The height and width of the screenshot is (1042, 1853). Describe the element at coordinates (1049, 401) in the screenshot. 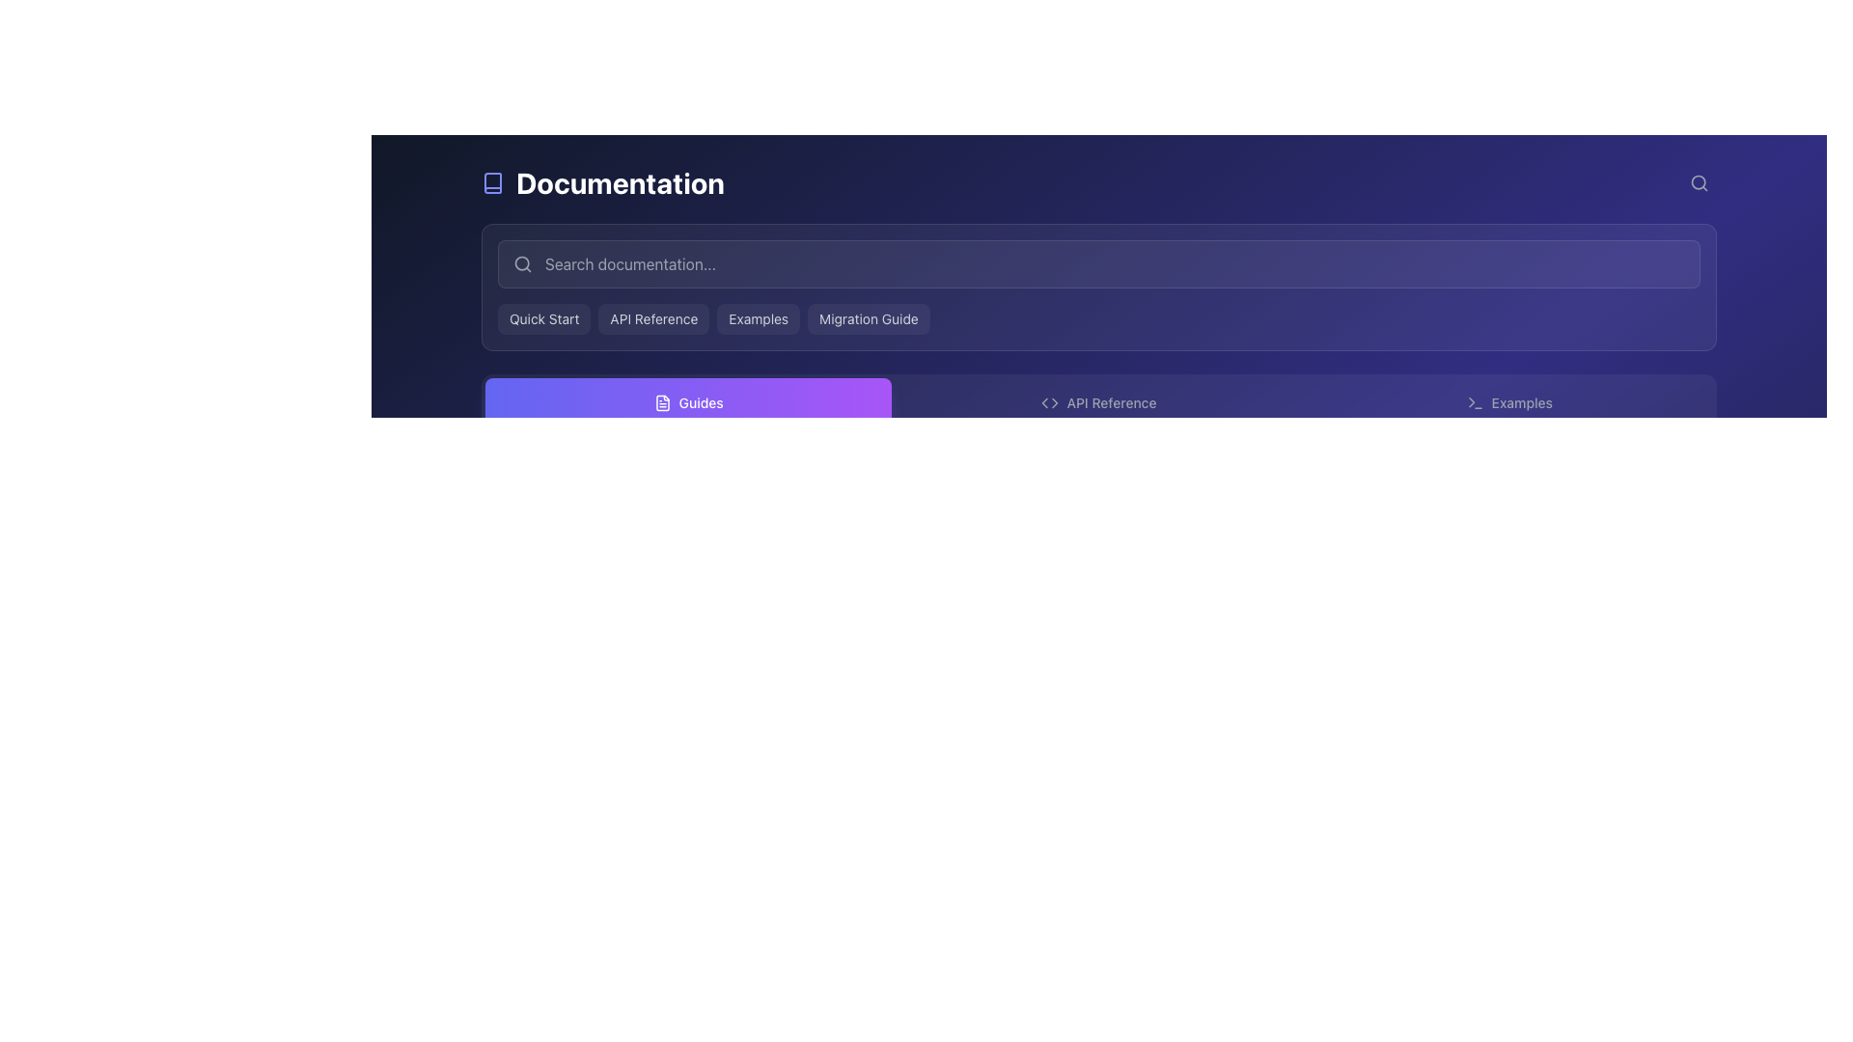

I see `the static icon located to the left of the 'API Reference' text label in the navigation bar under the 'Documentation' section` at that location.